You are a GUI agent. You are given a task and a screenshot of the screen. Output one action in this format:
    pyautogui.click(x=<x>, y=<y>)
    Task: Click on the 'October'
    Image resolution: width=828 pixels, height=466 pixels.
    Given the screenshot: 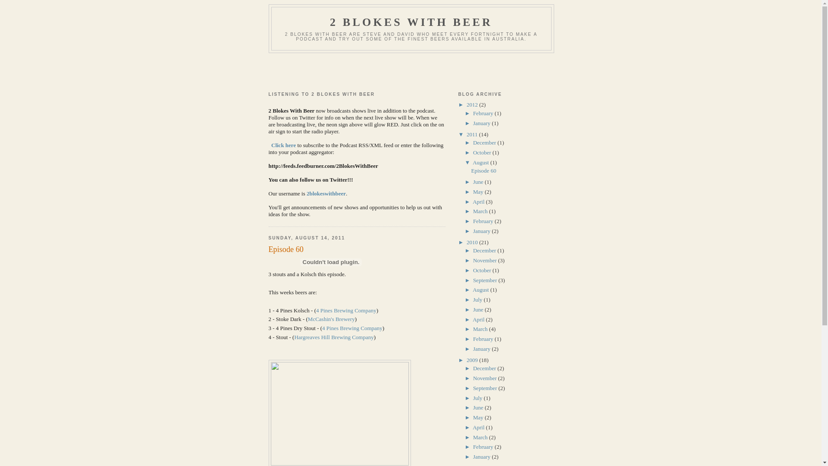 What is the action you would take?
    pyautogui.click(x=482, y=270)
    